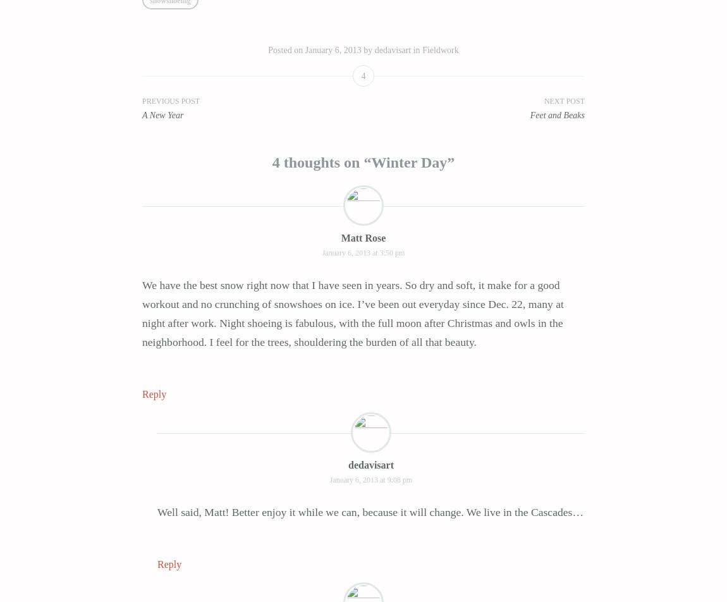 Image resolution: width=727 pixels, height=602 pixels. I want to click on 'January 6, 2013 at 9:08 pm', so click(370, 479).